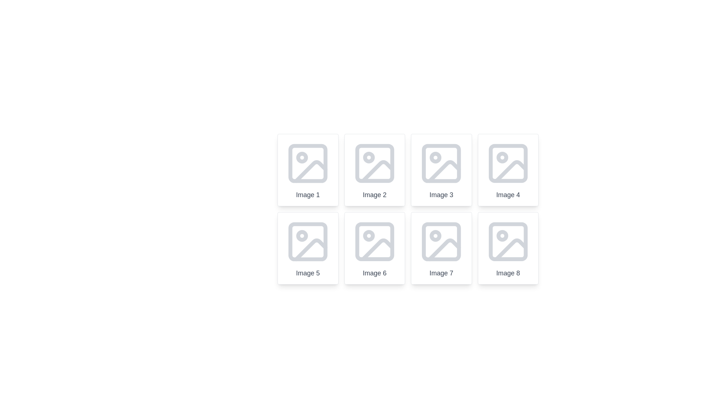 The image size is (702, 395). I want to click on the static text label displaying 'Image 4' in a medium-sized gray font, which is located directly below the image placeholder for 'Image 4' in the top-right quadrant of the main grid structure, so click(507, 194).